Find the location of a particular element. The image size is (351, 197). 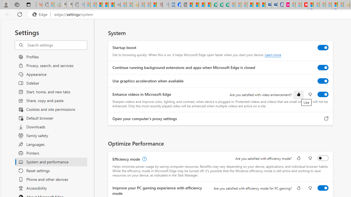

'Terms of Use Agreement' is located at coordinates (220, 5).